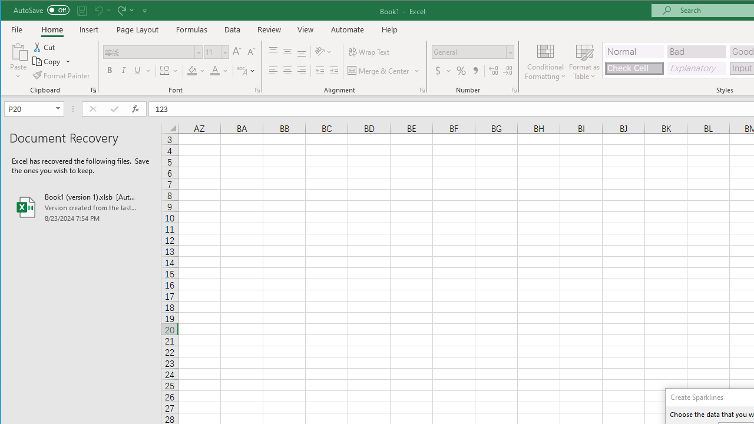  I want to click on 'Format Cell Number', so click(514, 90).